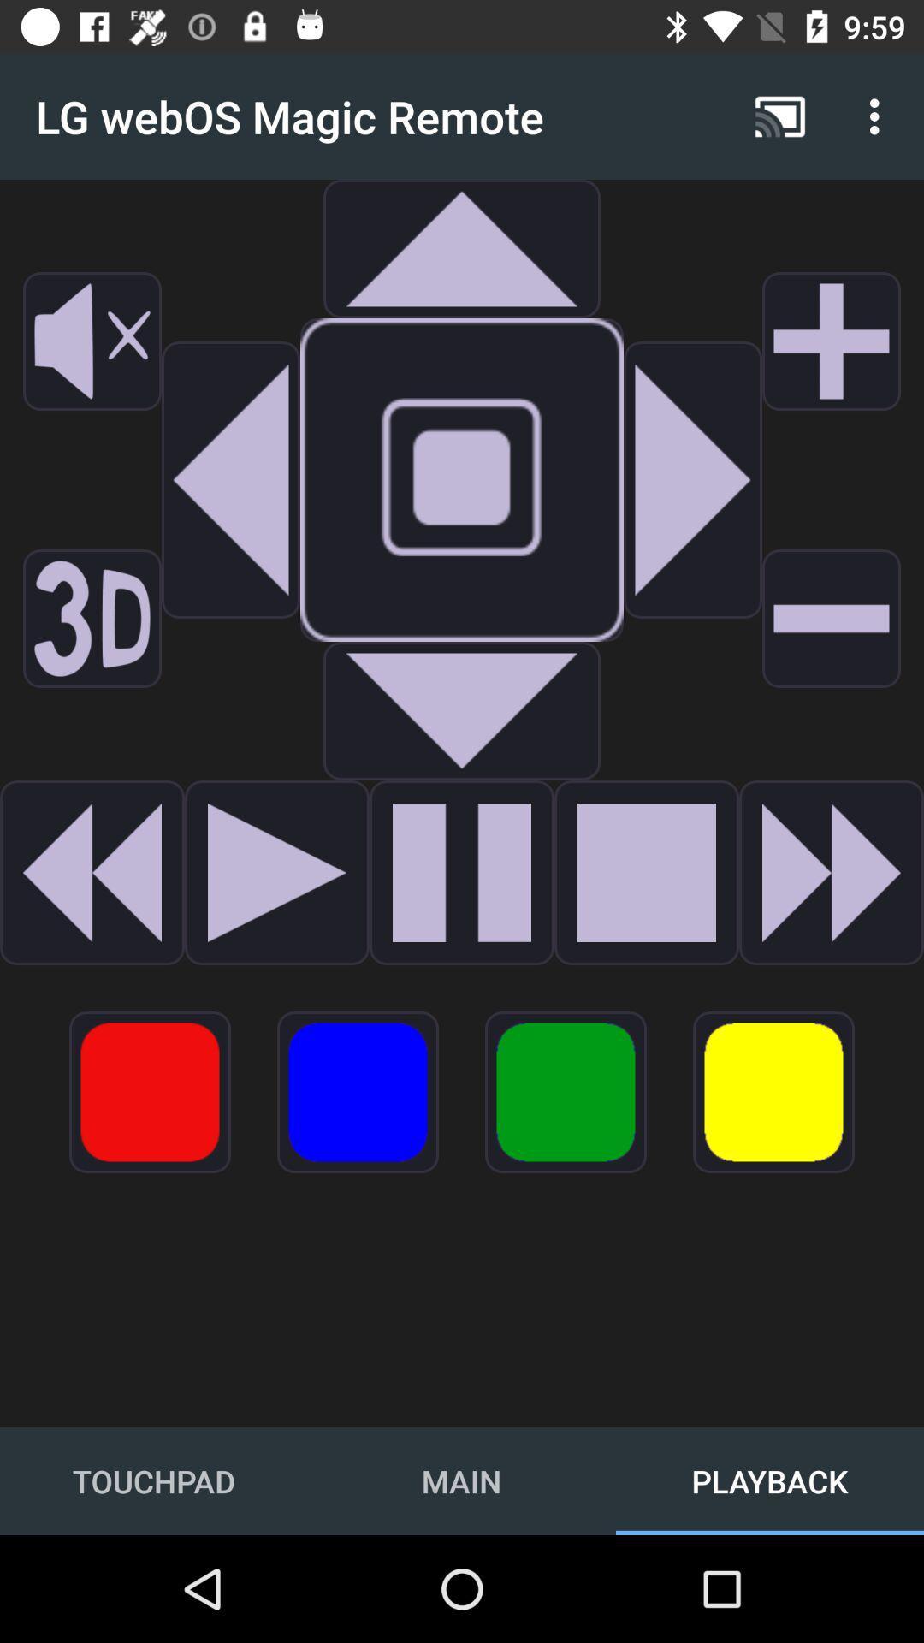 The height and width of the screenshot is (1643, 924). I want to click on next, so click(693, 479).